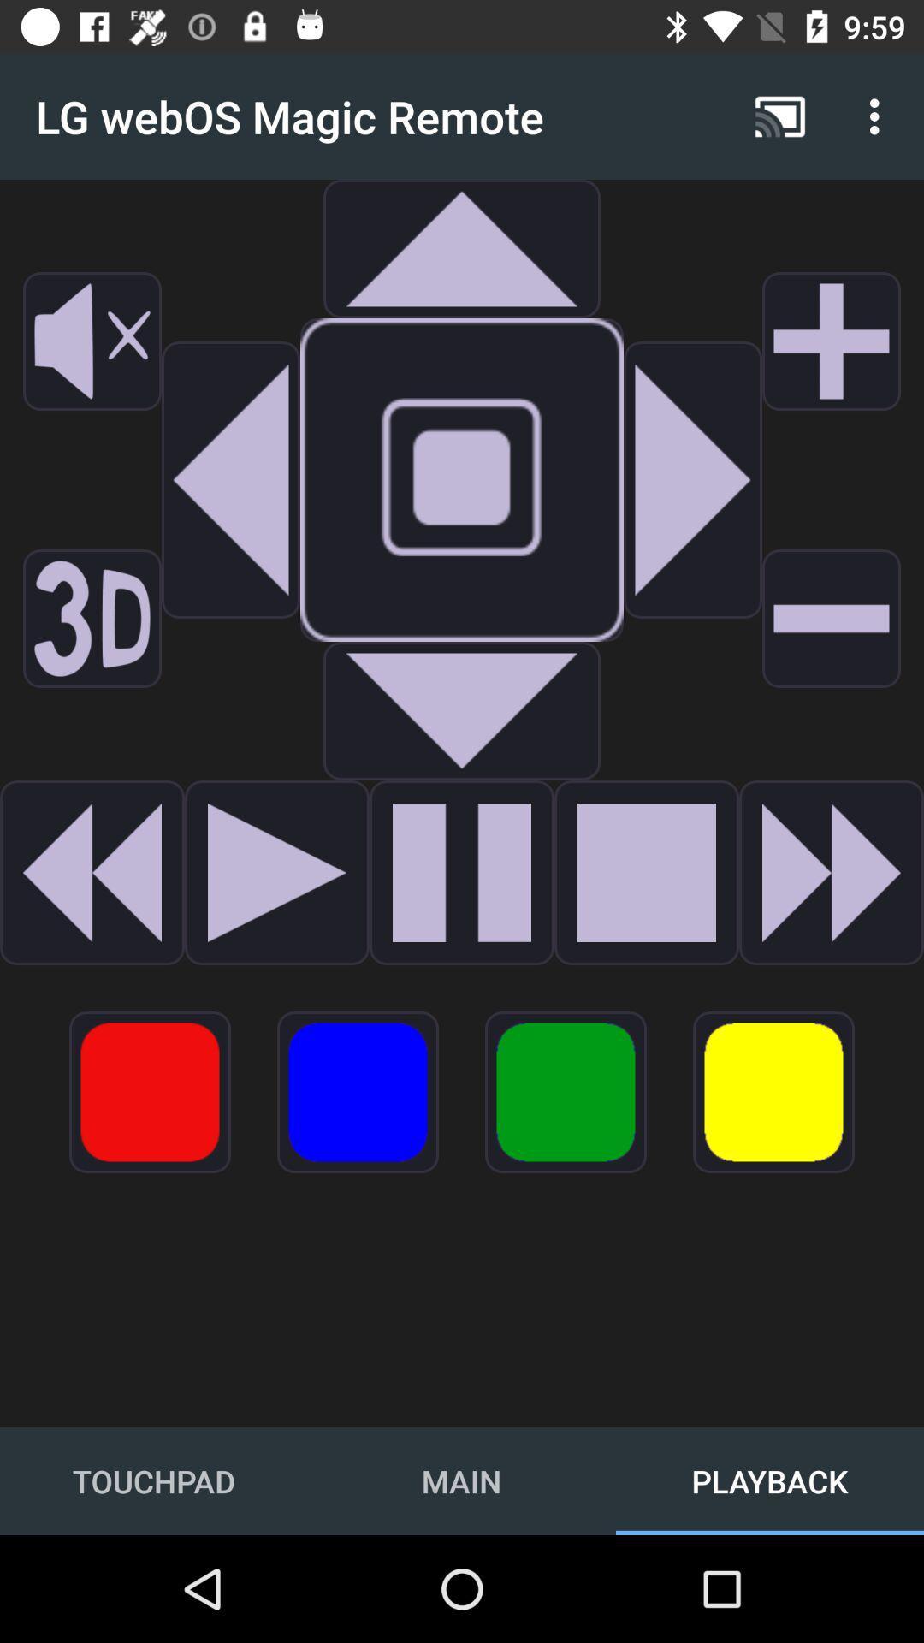 The height and width of the screenshot is (1643, 924). I want to click on next, so click(693, 479).